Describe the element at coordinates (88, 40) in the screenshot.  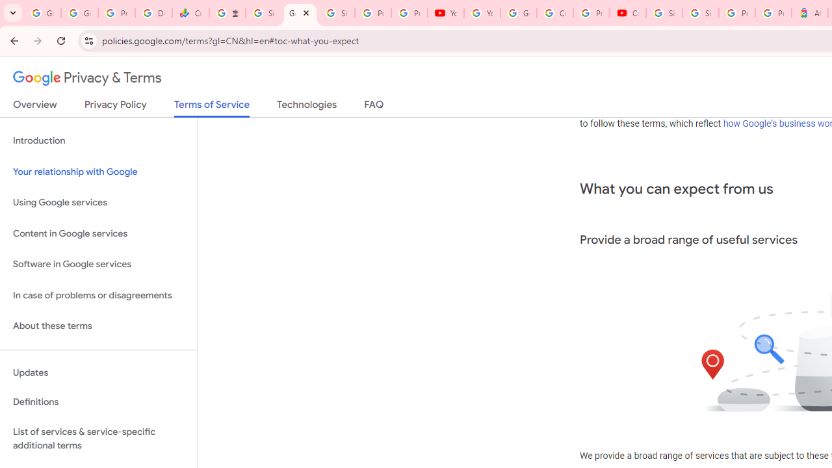
I see `'View site information'` at that location.